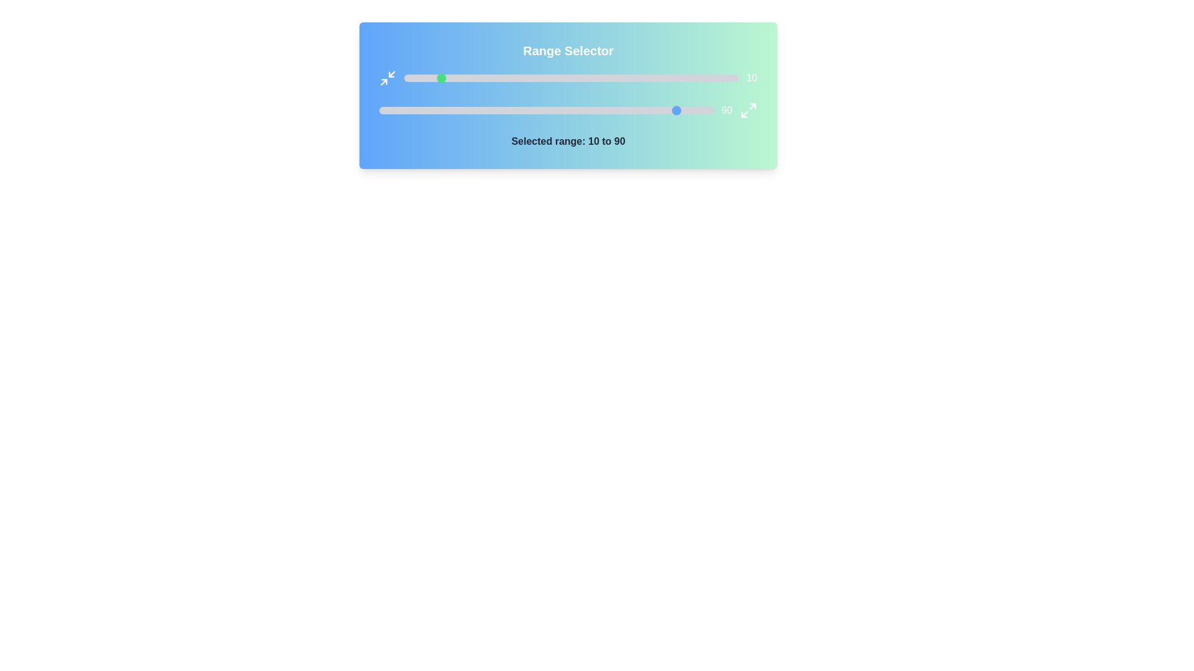 Image resolution: width=1194 pixels, height=671 pixels. What do you see at coordinates (506, 109) in the screenshot?
I see `the slider value` at bounding box center [506, 109].